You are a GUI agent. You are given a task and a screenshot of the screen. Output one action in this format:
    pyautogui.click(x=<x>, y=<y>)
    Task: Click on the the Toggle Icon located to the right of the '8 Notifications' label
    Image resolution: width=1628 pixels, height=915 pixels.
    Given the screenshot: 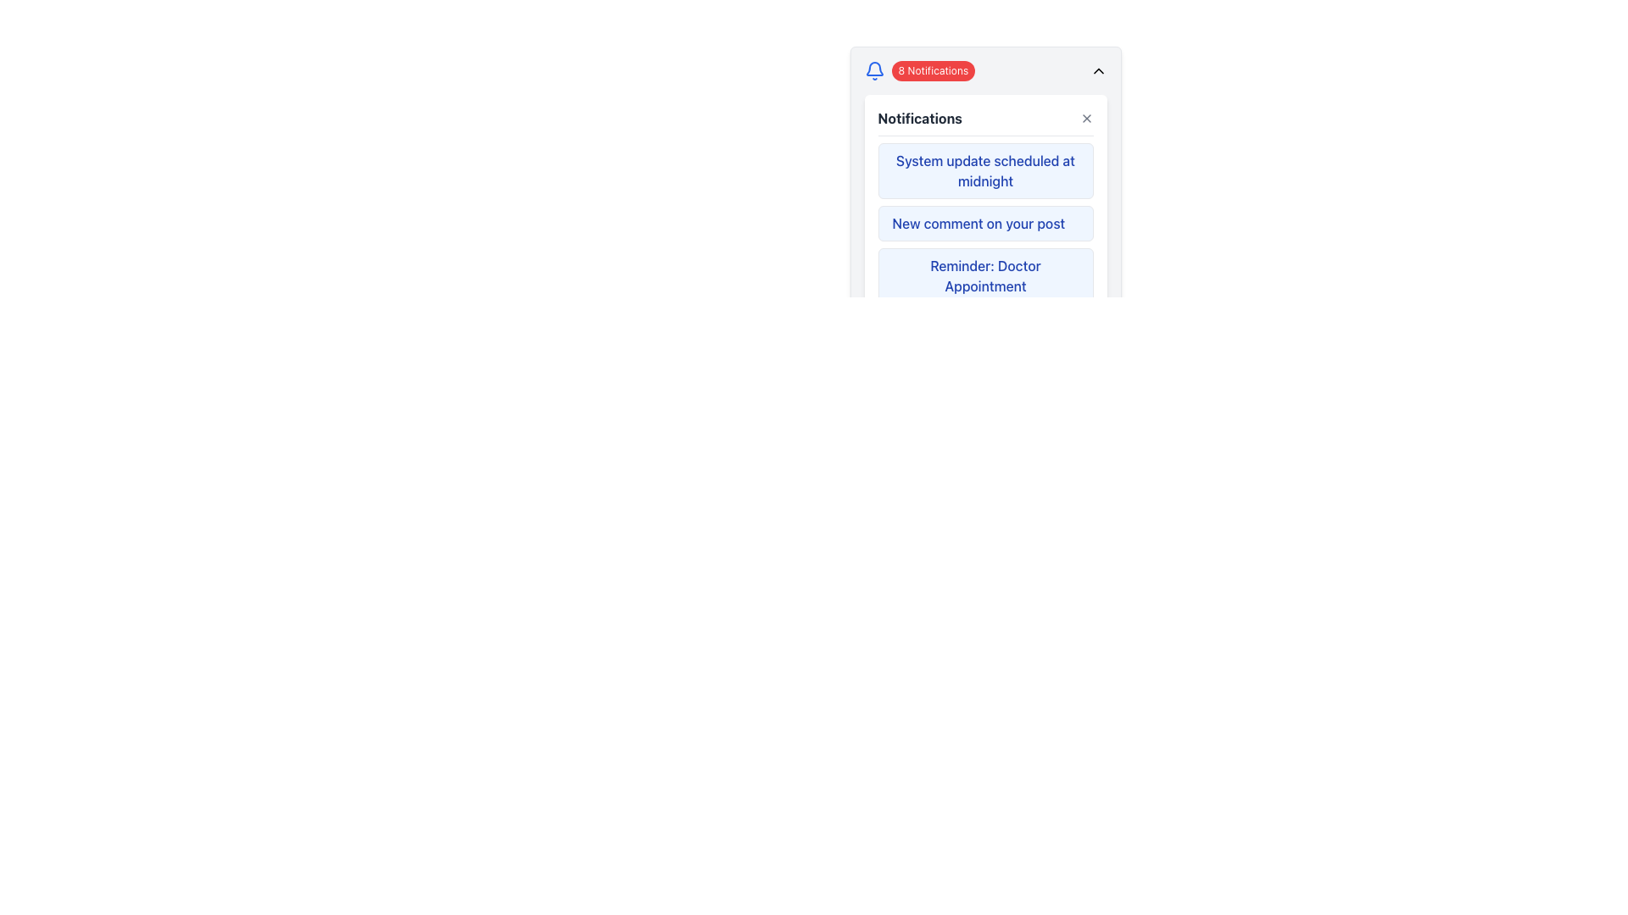 What is the action you would take?
    pyautogui.click(x=1098, y=70)
    